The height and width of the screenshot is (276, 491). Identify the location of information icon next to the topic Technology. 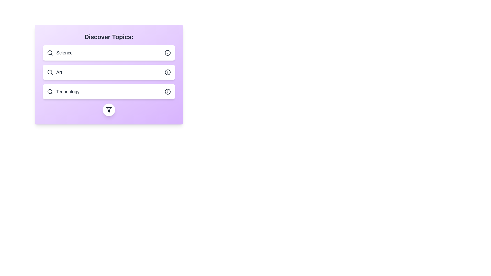
(168, 91).